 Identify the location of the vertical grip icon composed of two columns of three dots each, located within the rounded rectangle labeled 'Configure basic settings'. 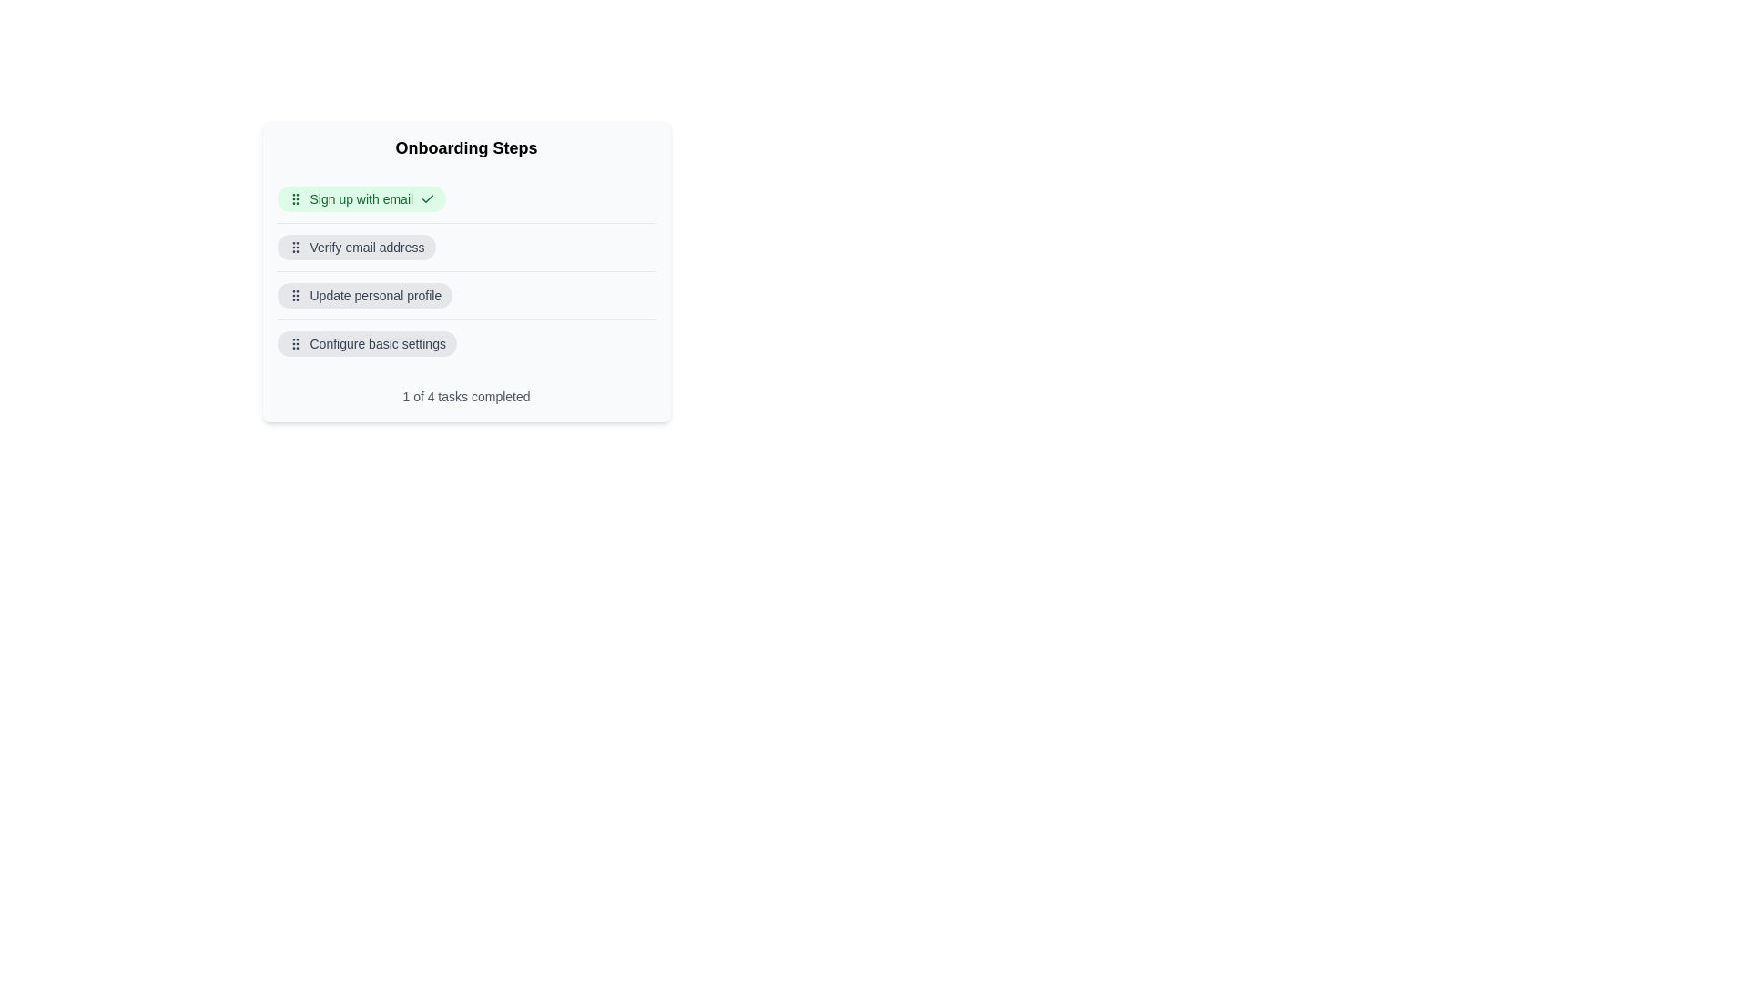
(295, 344).